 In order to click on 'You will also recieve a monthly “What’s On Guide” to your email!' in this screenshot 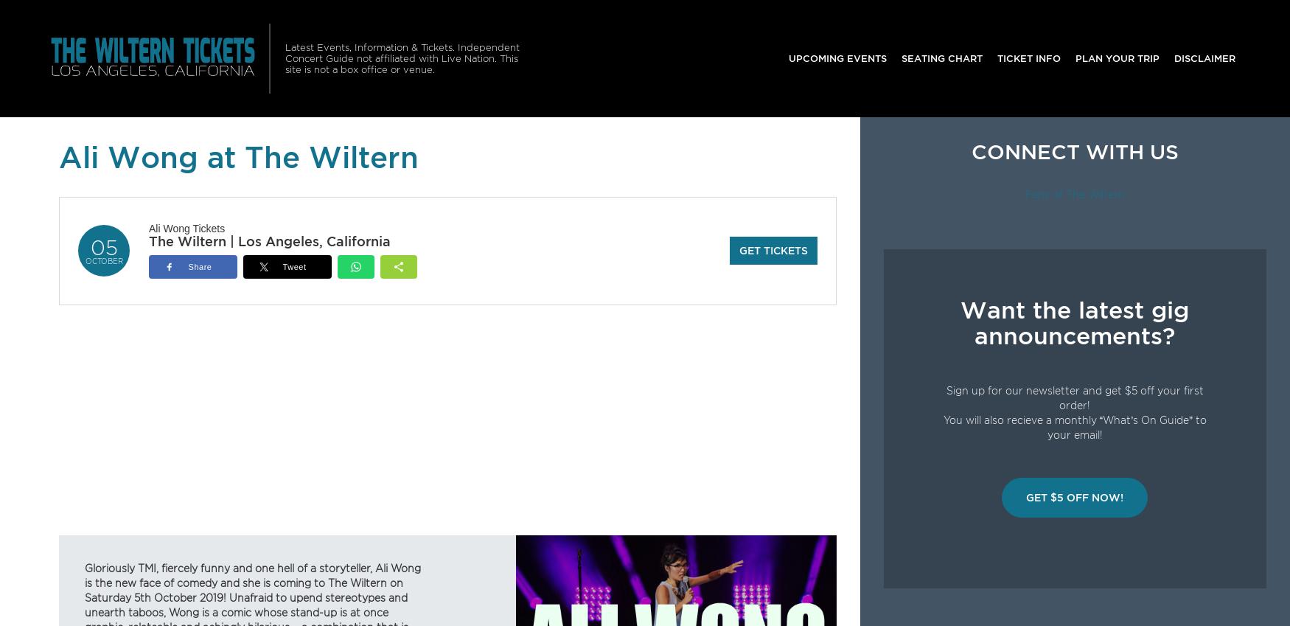, I will do `click(1074, 427)`.